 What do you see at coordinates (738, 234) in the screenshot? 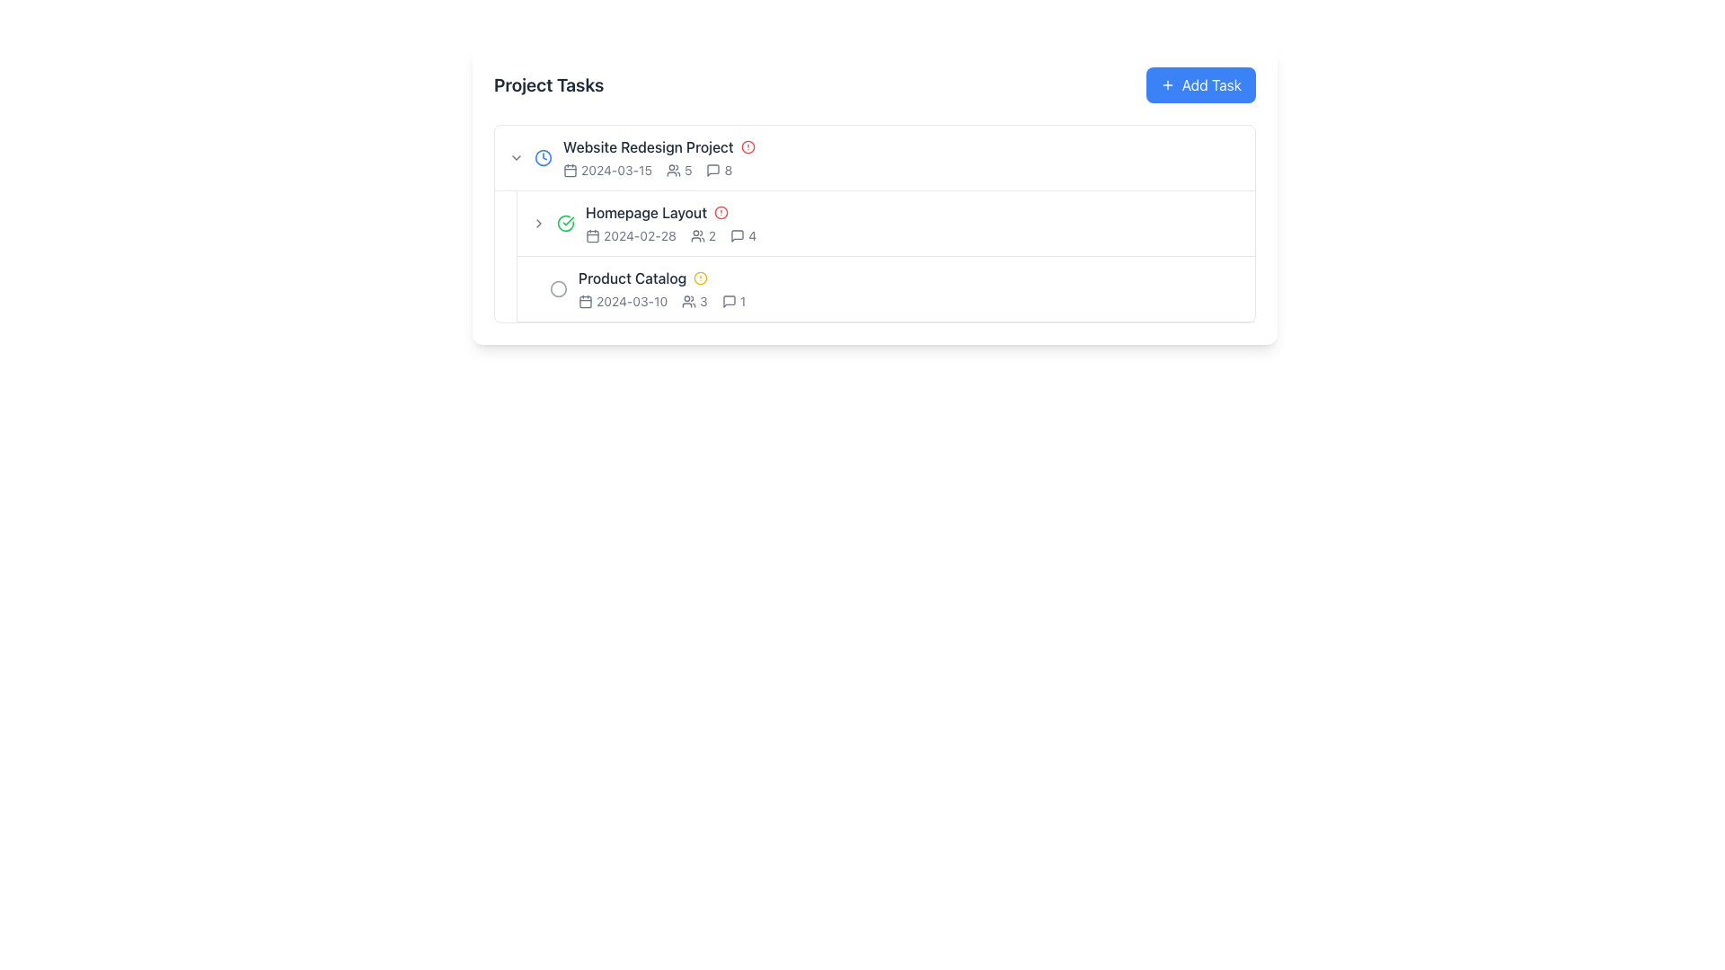
I see `the comment icon located to the immediate right of the 'Homepage Layout' row in the 'Project Tasks' section` at bounding box center [738, 234].